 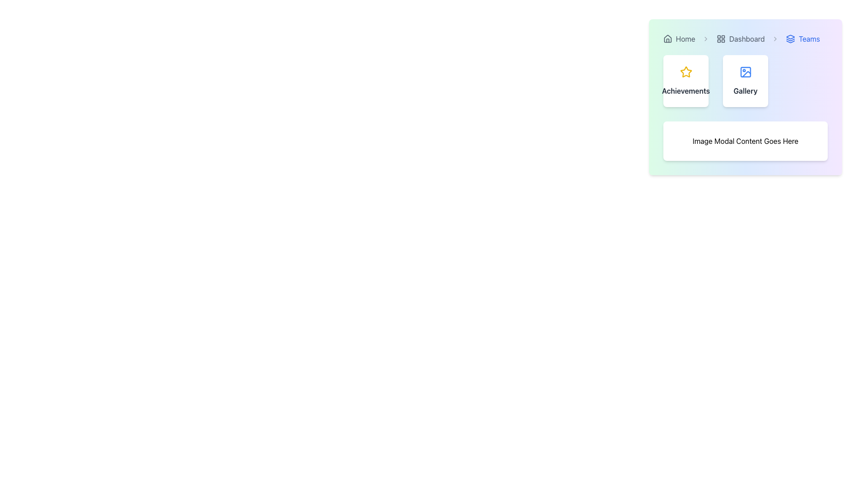 What do you see at coordinates (740, 39) in the screenshot?
I see `the 'Dashboard' navigational link in the breadcrumb trail, which is the second item positioned between 'Home' and 'Teams'` at bounding box center [740, 39].